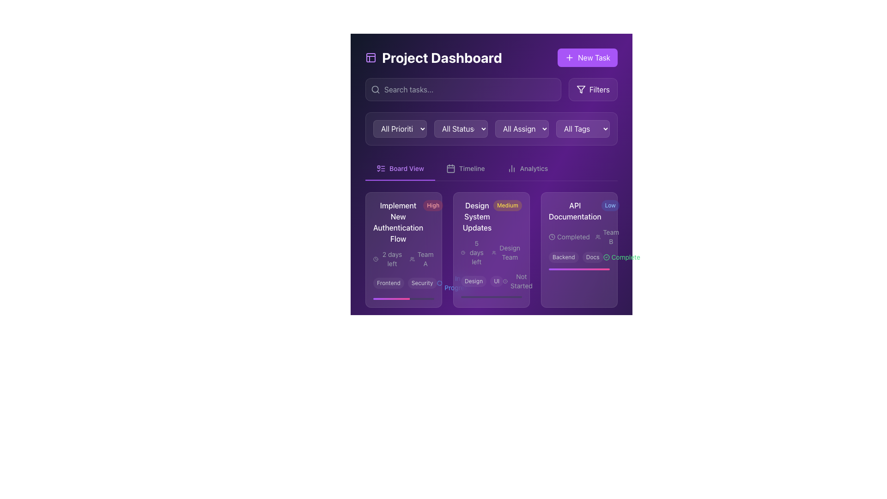  I want to click on the tag-like component labeled 'Low', which is styled with a small rounded rectangle and is positioned on a semi-transparent blue background, so click(610, 205).